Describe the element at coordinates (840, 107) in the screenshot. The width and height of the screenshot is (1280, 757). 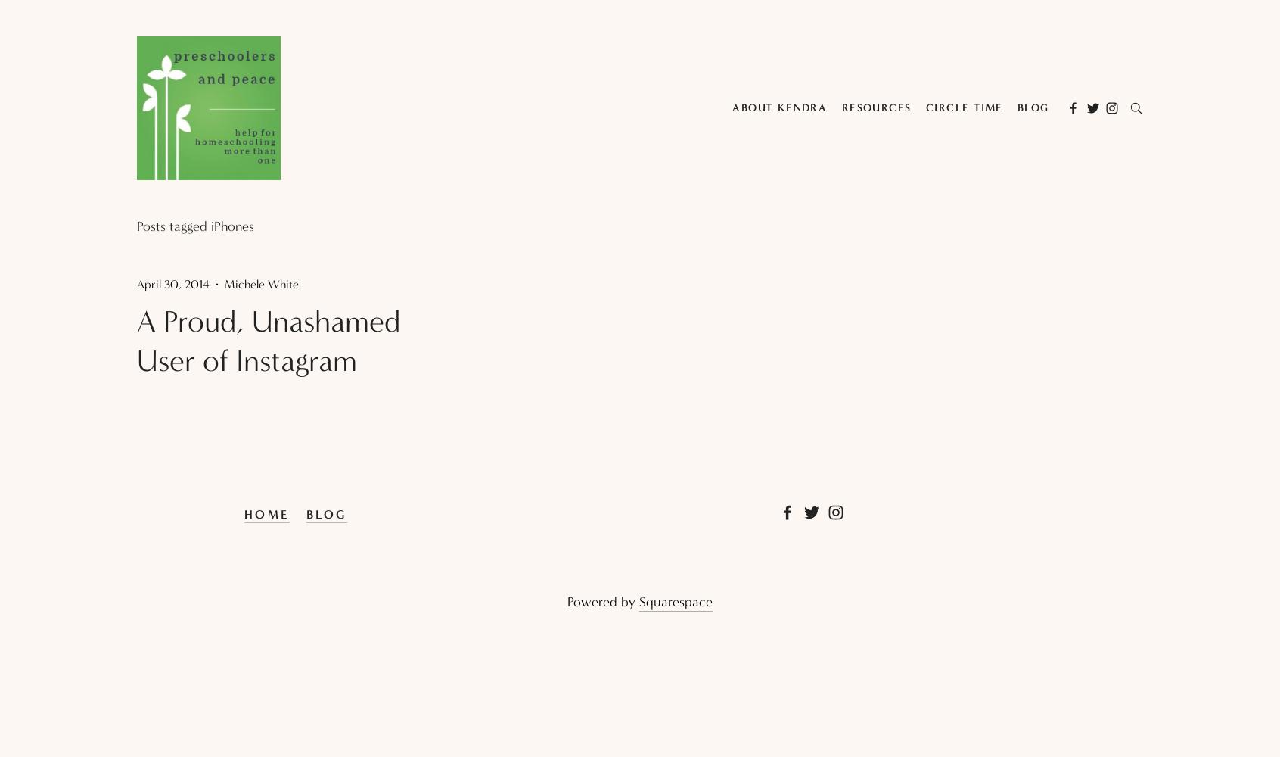
I see `'Resources'` at that location.